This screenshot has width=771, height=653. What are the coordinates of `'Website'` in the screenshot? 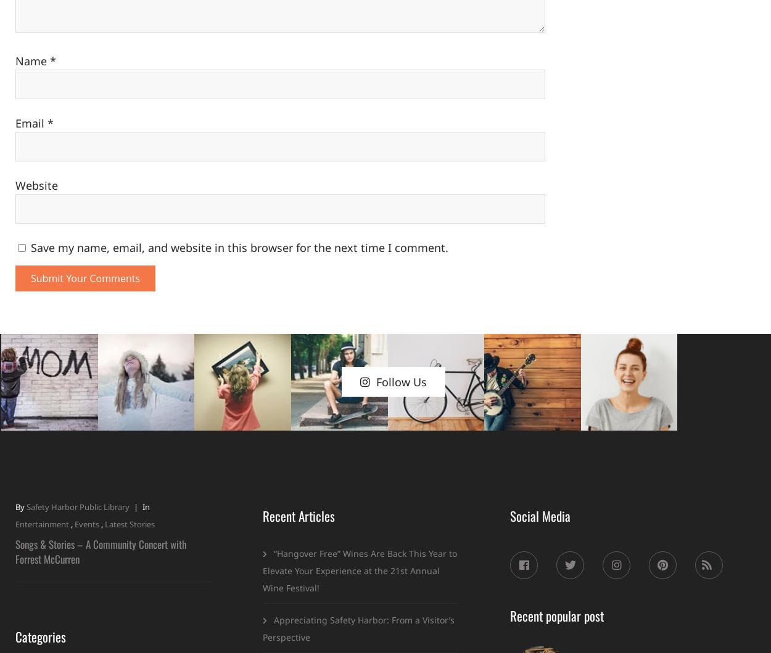 It's located at (36, 185).